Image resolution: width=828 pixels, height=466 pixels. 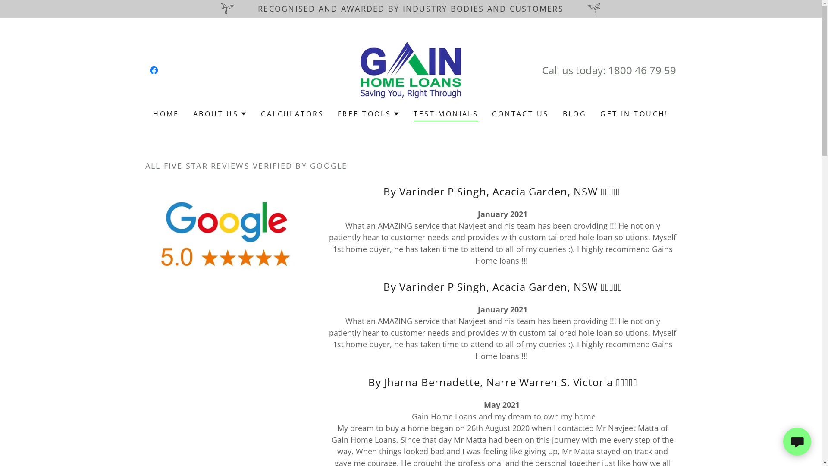 What do you see at coordinates (368, 113) in the screenshot?
I see `'FREE TOOLS'` at bounding box center [368, 113].